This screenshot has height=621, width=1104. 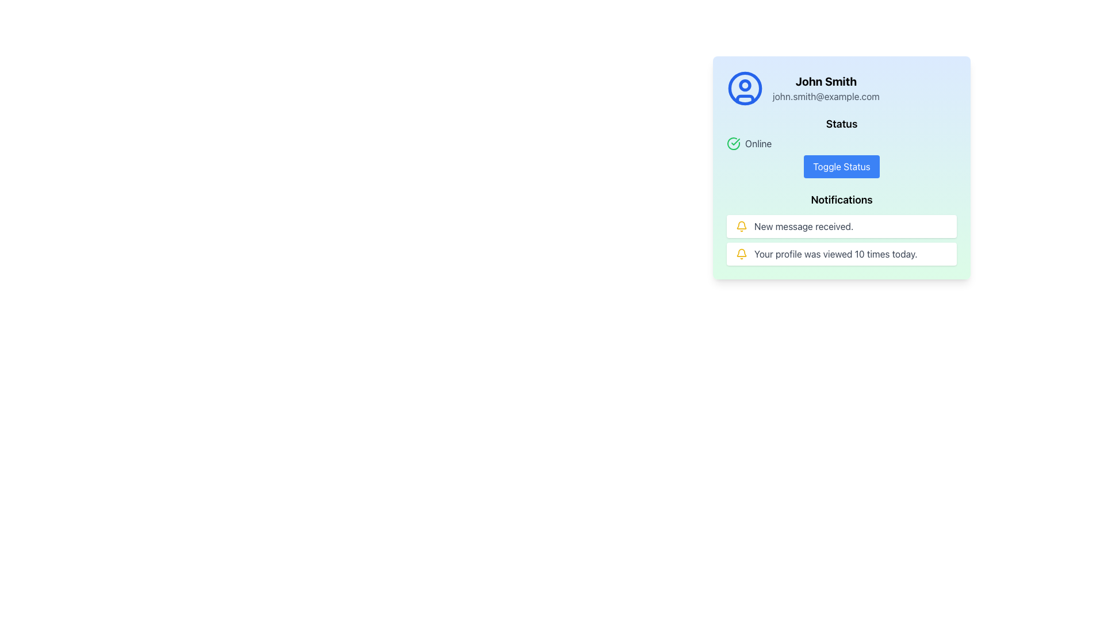 I want to click on the status indicator icon located to the left of the text 'Online', which indicates an active or online status, so click(x=733, y=143).